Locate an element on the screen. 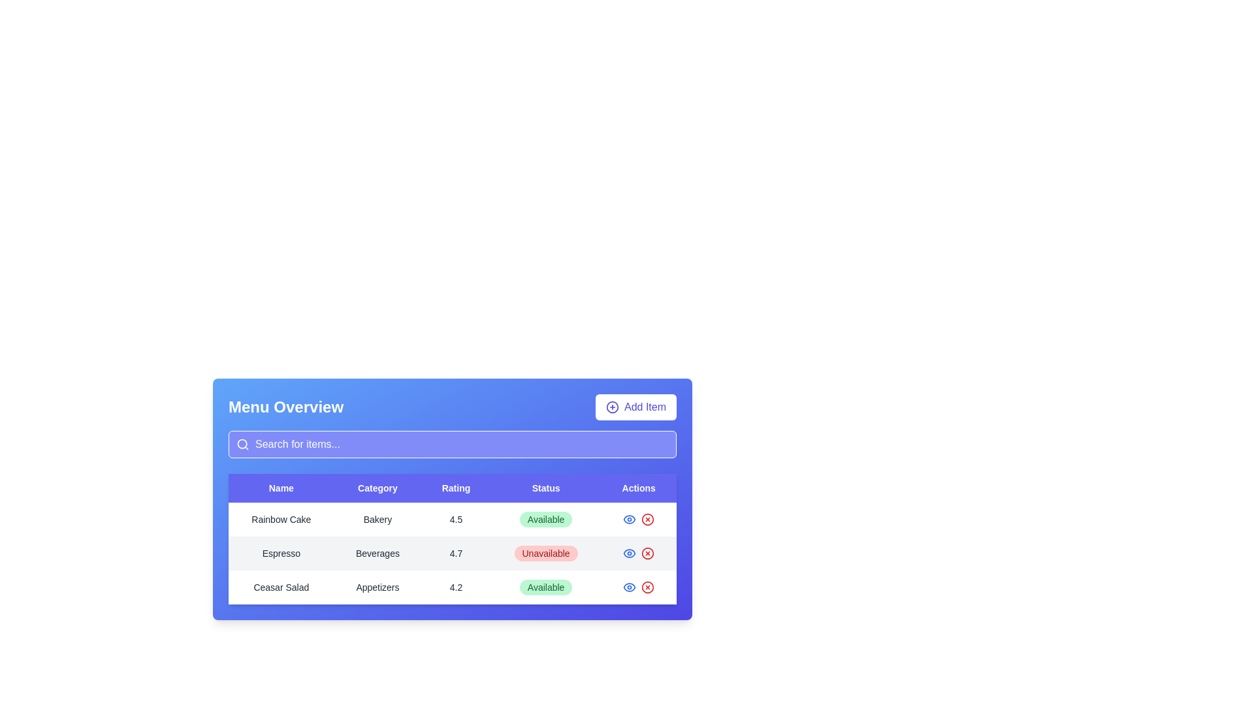 Image resolution: width=1254 pixels, height=705 pixels. the 'Rainbow Cake' text label, which is centrally aligned in the first row of the table under the 'Name' column is located at coordinates (280, 518).